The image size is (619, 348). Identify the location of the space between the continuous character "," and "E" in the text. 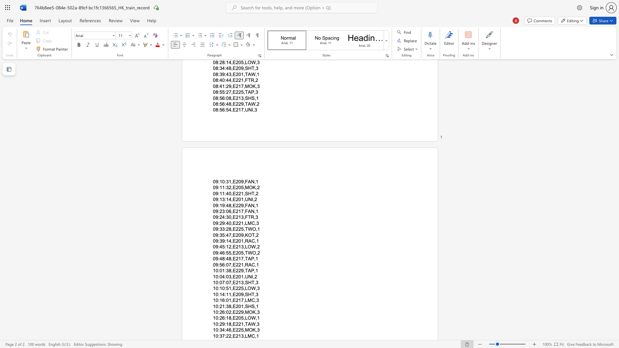
(233, 258).